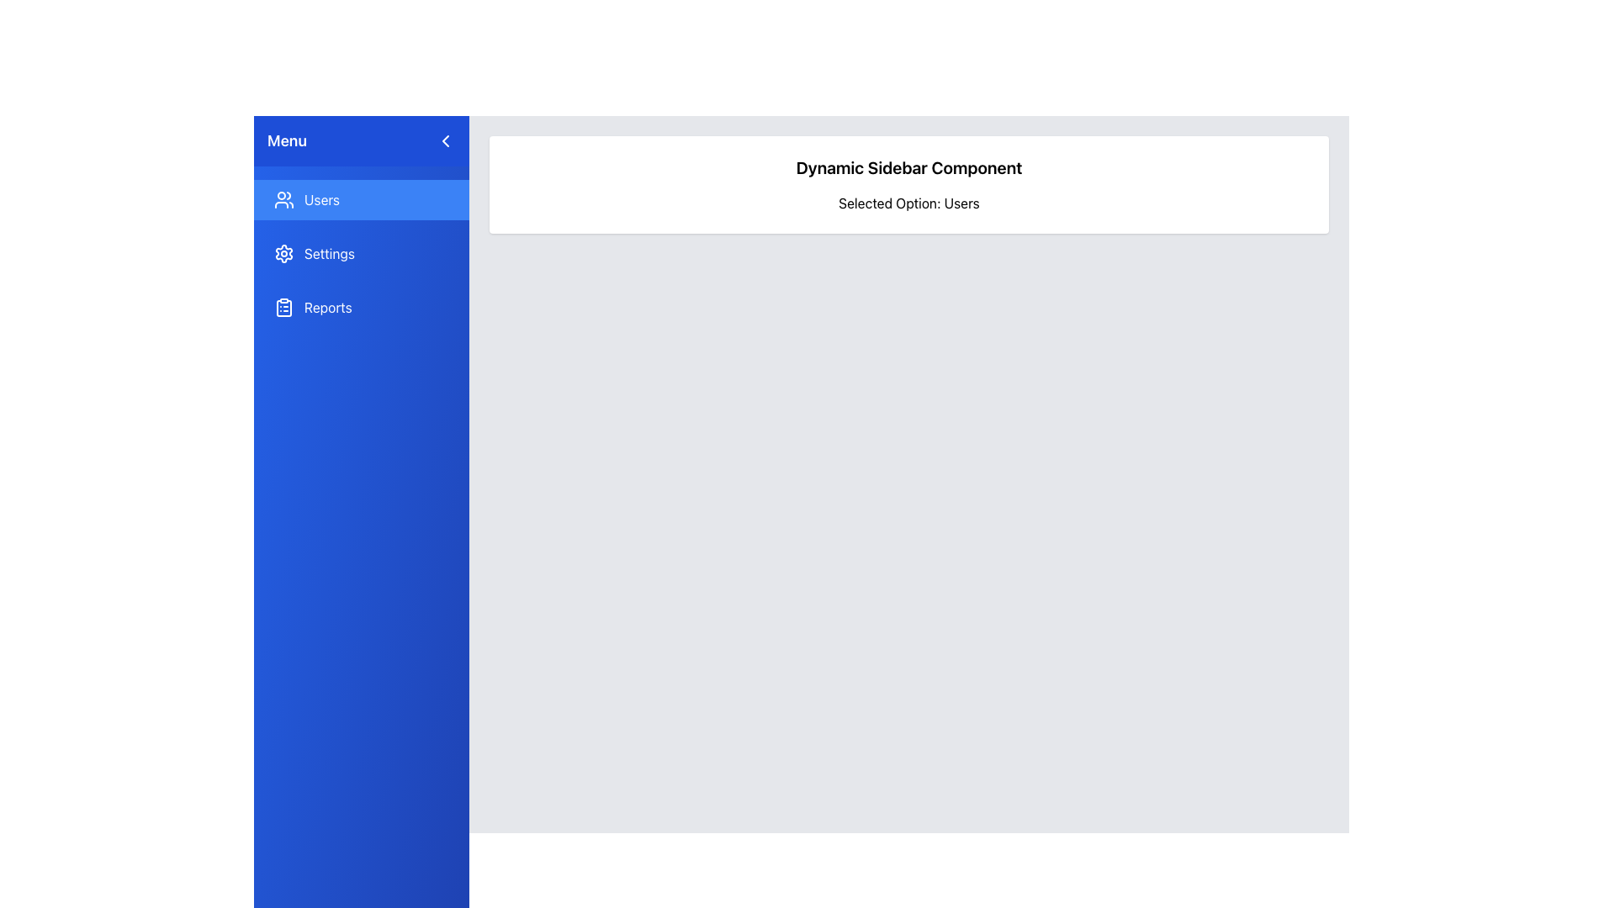 This screenshot has width=1615, height=908. Describe the element at coordinates (361, 308) in the screenshot. I see `the 'Reports' button in the sidebar` at that location.